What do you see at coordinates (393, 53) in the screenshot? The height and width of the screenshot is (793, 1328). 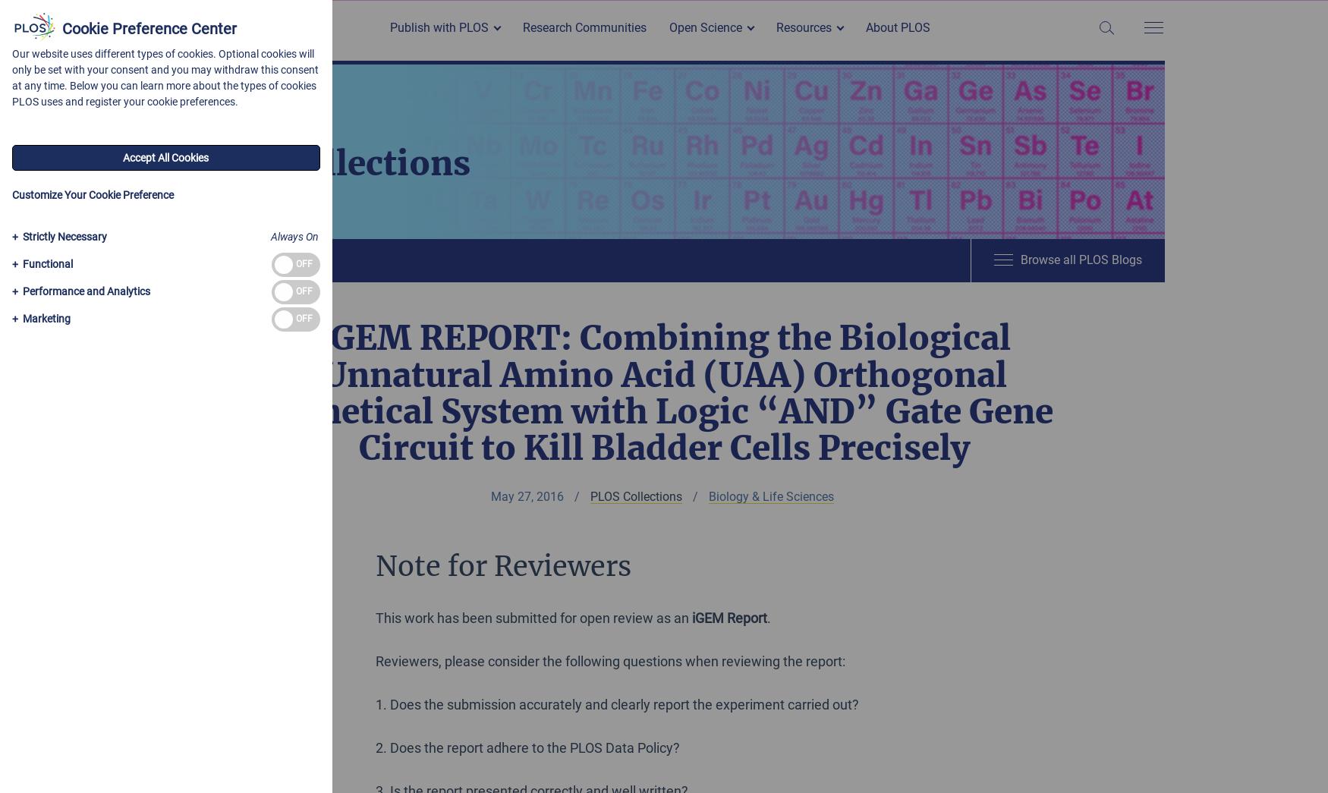 I see `'Which Journal?'` at bounding box center [393, 53].